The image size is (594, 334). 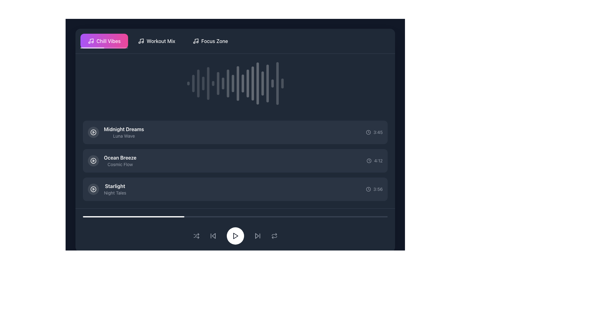 I want to click on the fourteenth vertical bar in the audio visualization component, which represents a specific beat or amplitude data point in the waveform, so click(x=252, y=83).